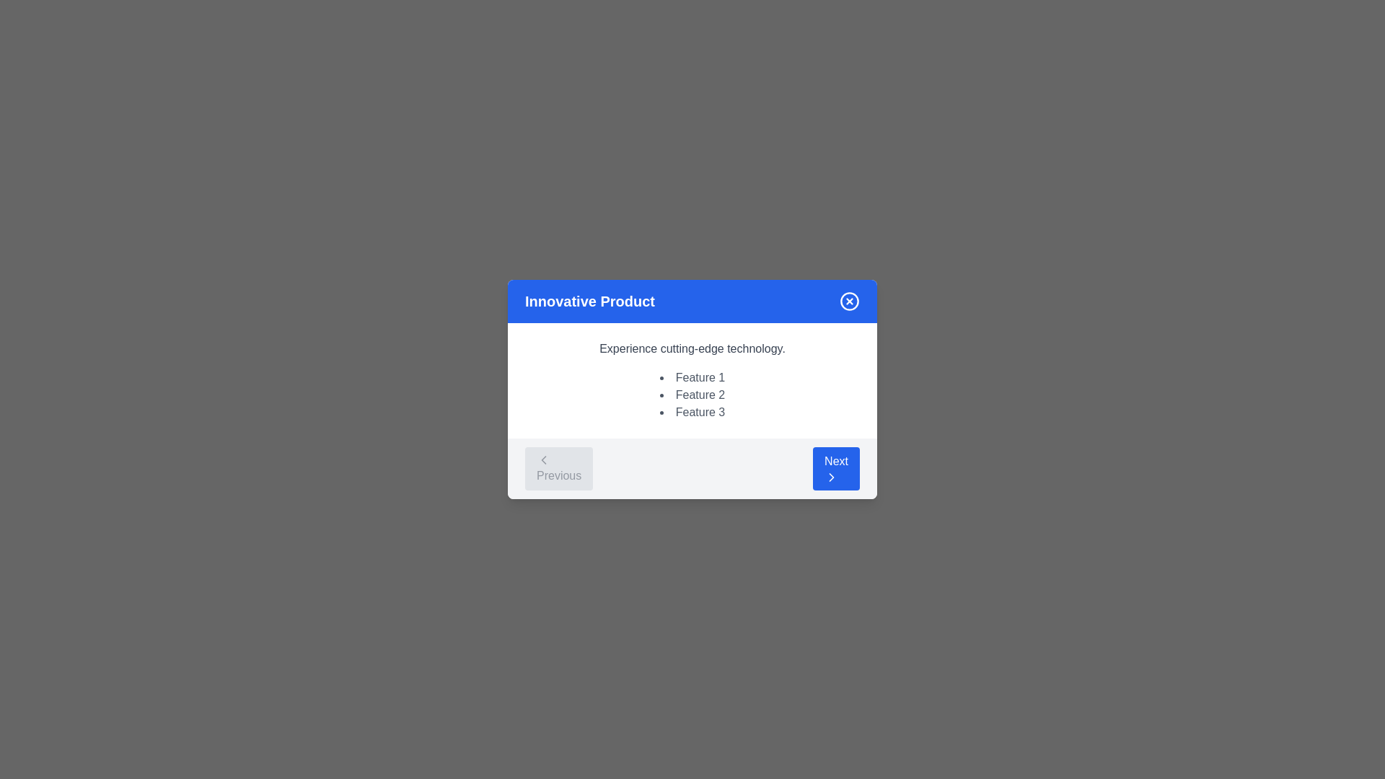 This screenshot has height=779, width=1385. What do you see at coordinates (590, 300) in the screenshot?
I see `the static text label located at the top-left side of the blue banner section, which provides context to the dialog contents` at bounding box center [590, 300].